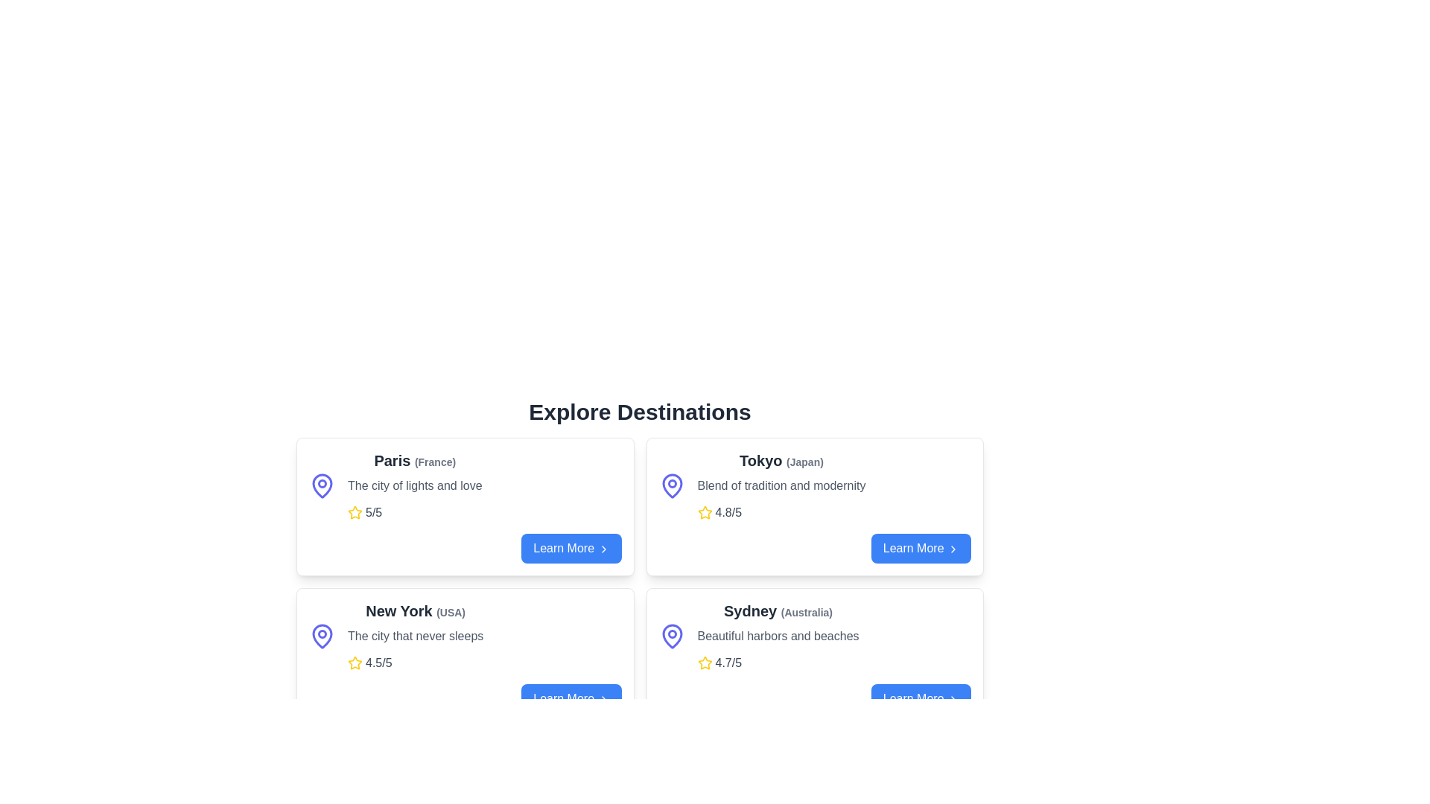 This screenshot has height=804, width=1430. What do you see at coordinates (781, 512) in the screenshot?
I see `the rating information '4.8/5' displayed in gray text, located` at bounding box center [781, 512].